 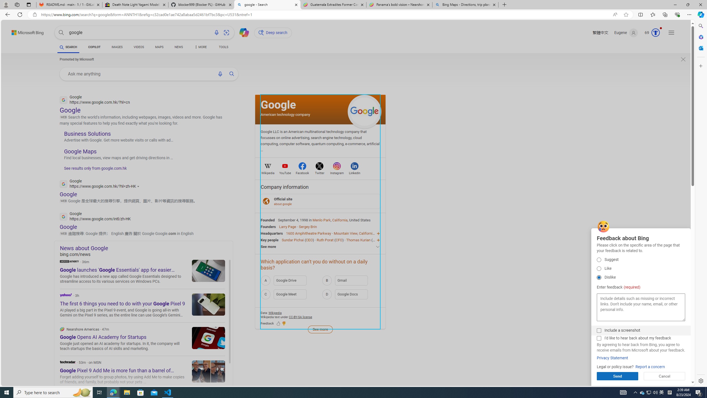 What do you see at coordinates (599, 338) in the screenshot?
I see `'I'` at bounding box center [599, 338].